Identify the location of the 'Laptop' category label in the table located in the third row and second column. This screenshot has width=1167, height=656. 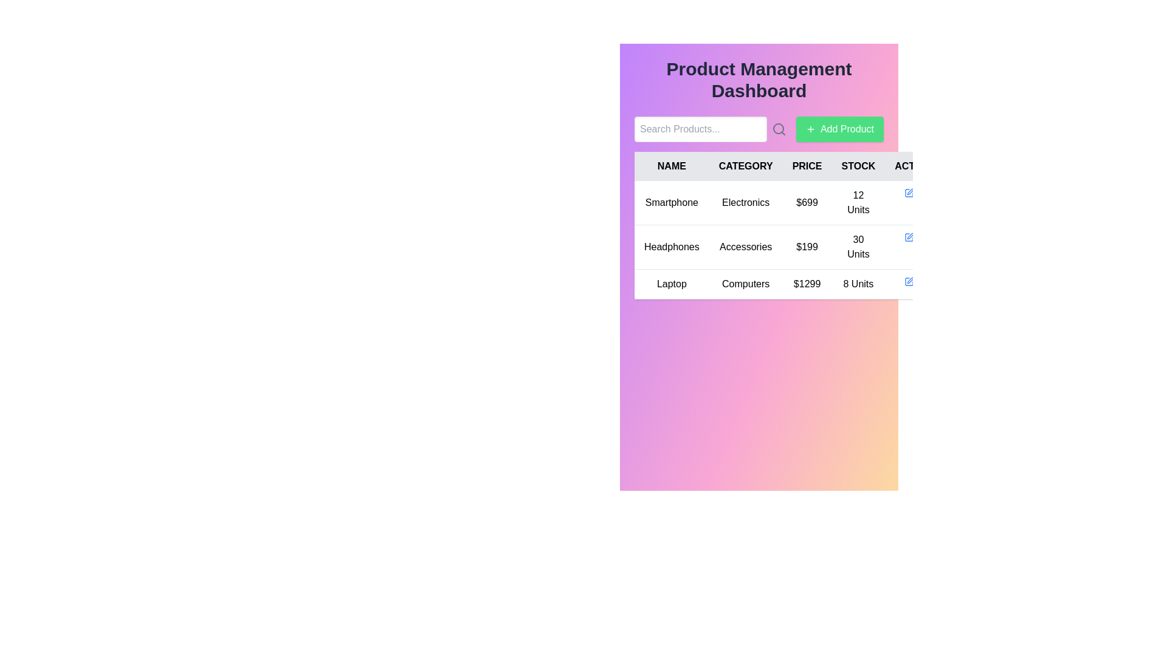
(745, 284).